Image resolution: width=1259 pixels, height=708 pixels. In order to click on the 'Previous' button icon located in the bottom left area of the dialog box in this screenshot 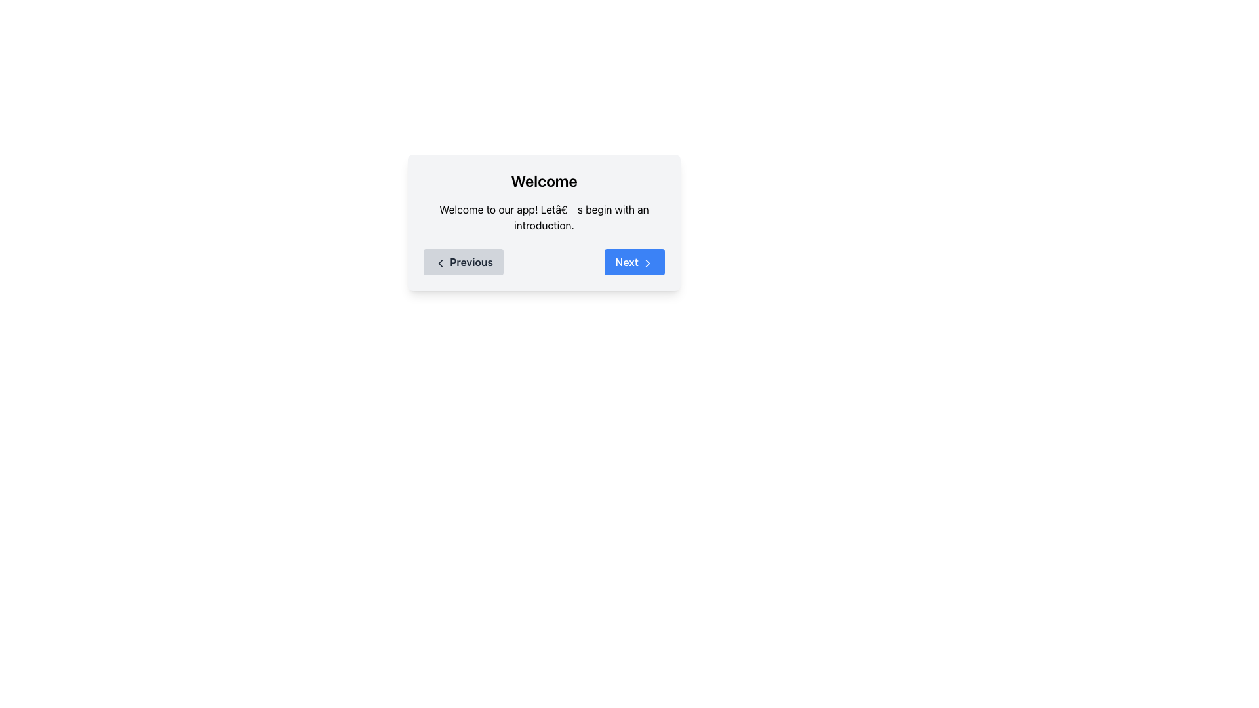, I will do `click(441, 263)`.